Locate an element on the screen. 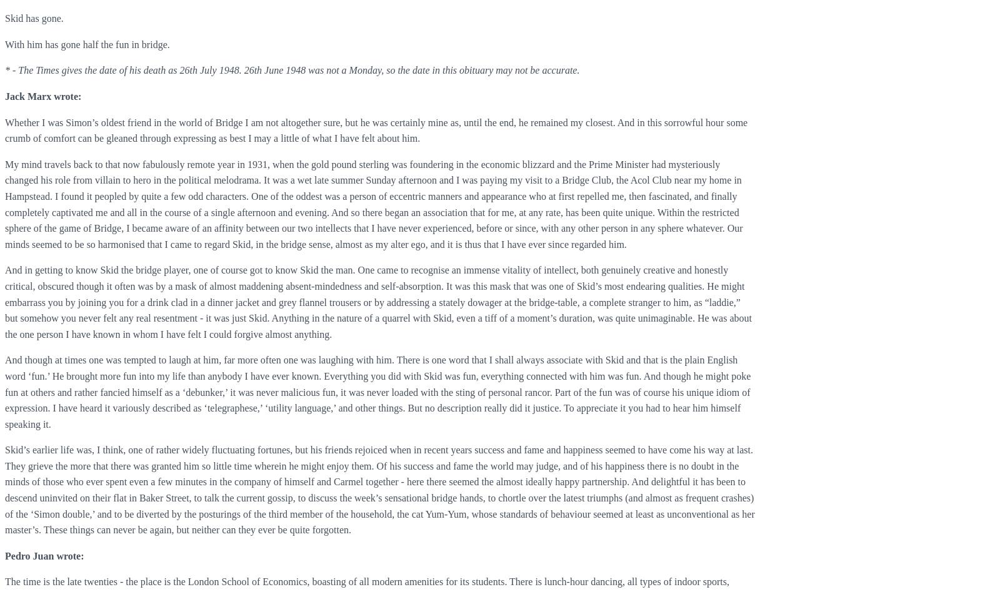  'Pedro Juan wrote:' is located at coordinates (44, 555).